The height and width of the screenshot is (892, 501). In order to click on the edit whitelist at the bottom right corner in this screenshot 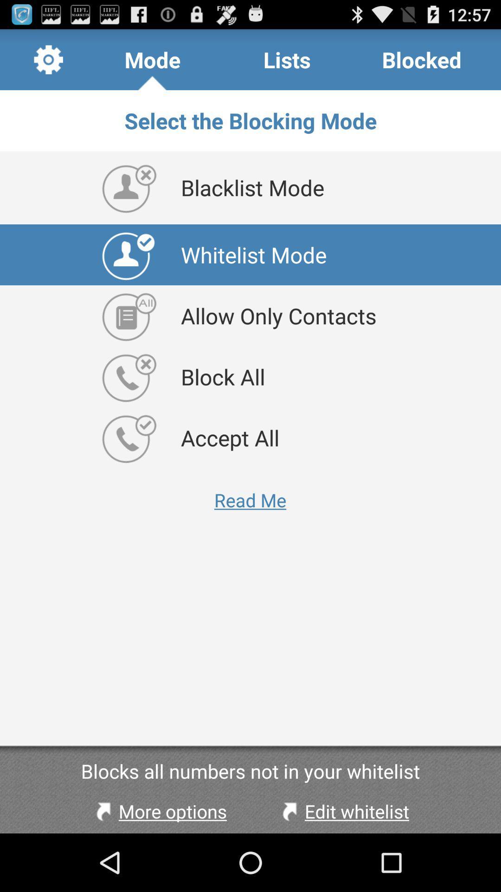, I will do `click(343, 811)`.